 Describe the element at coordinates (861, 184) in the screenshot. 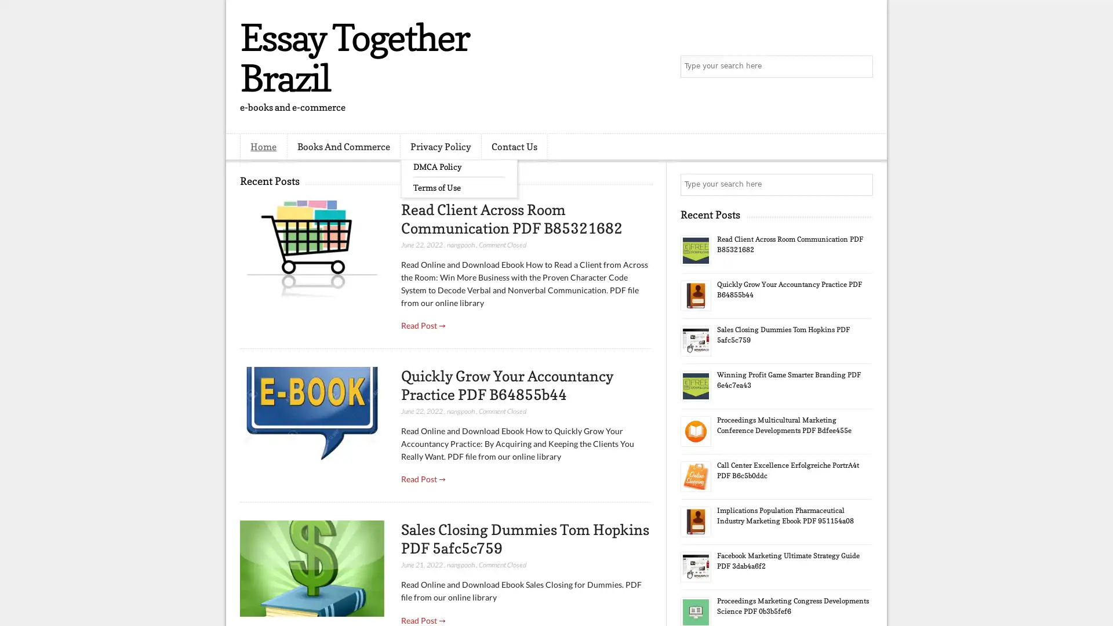

I see `Search` at that location.